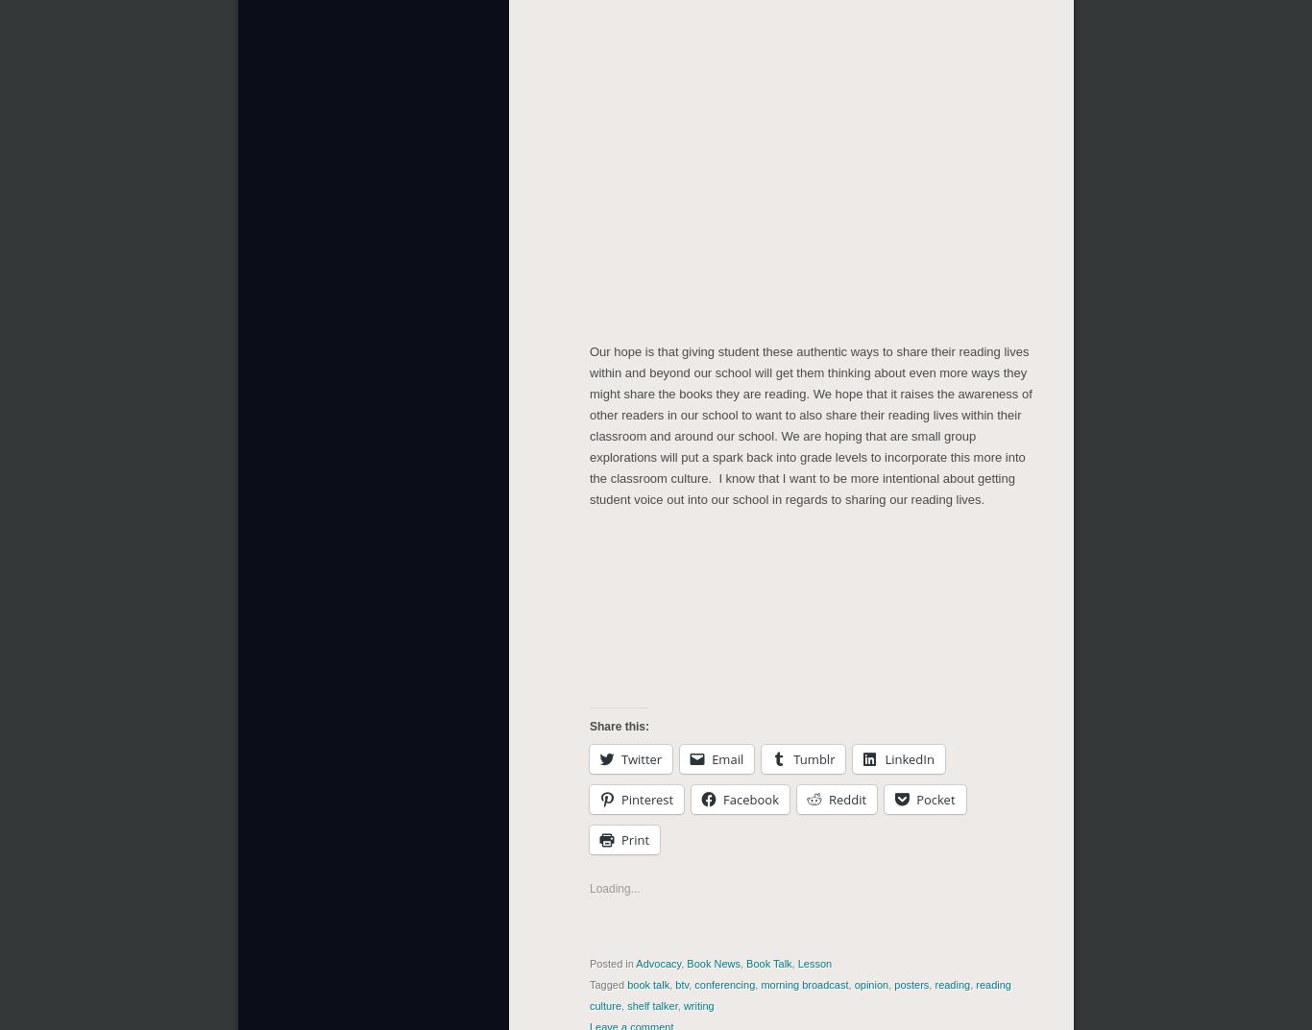 The height and width of the screenshot is (1030, 1312). Describe the element at coordinates (911, 984) in the screenshot. I see `'posters'` at that location.